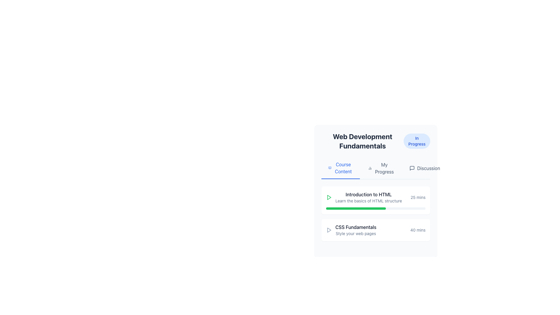 The image size is (560, 315). I want to click on the bar chart icon located to the left of the 'My Progress' text in the top navigation bar, so click(370, 168).